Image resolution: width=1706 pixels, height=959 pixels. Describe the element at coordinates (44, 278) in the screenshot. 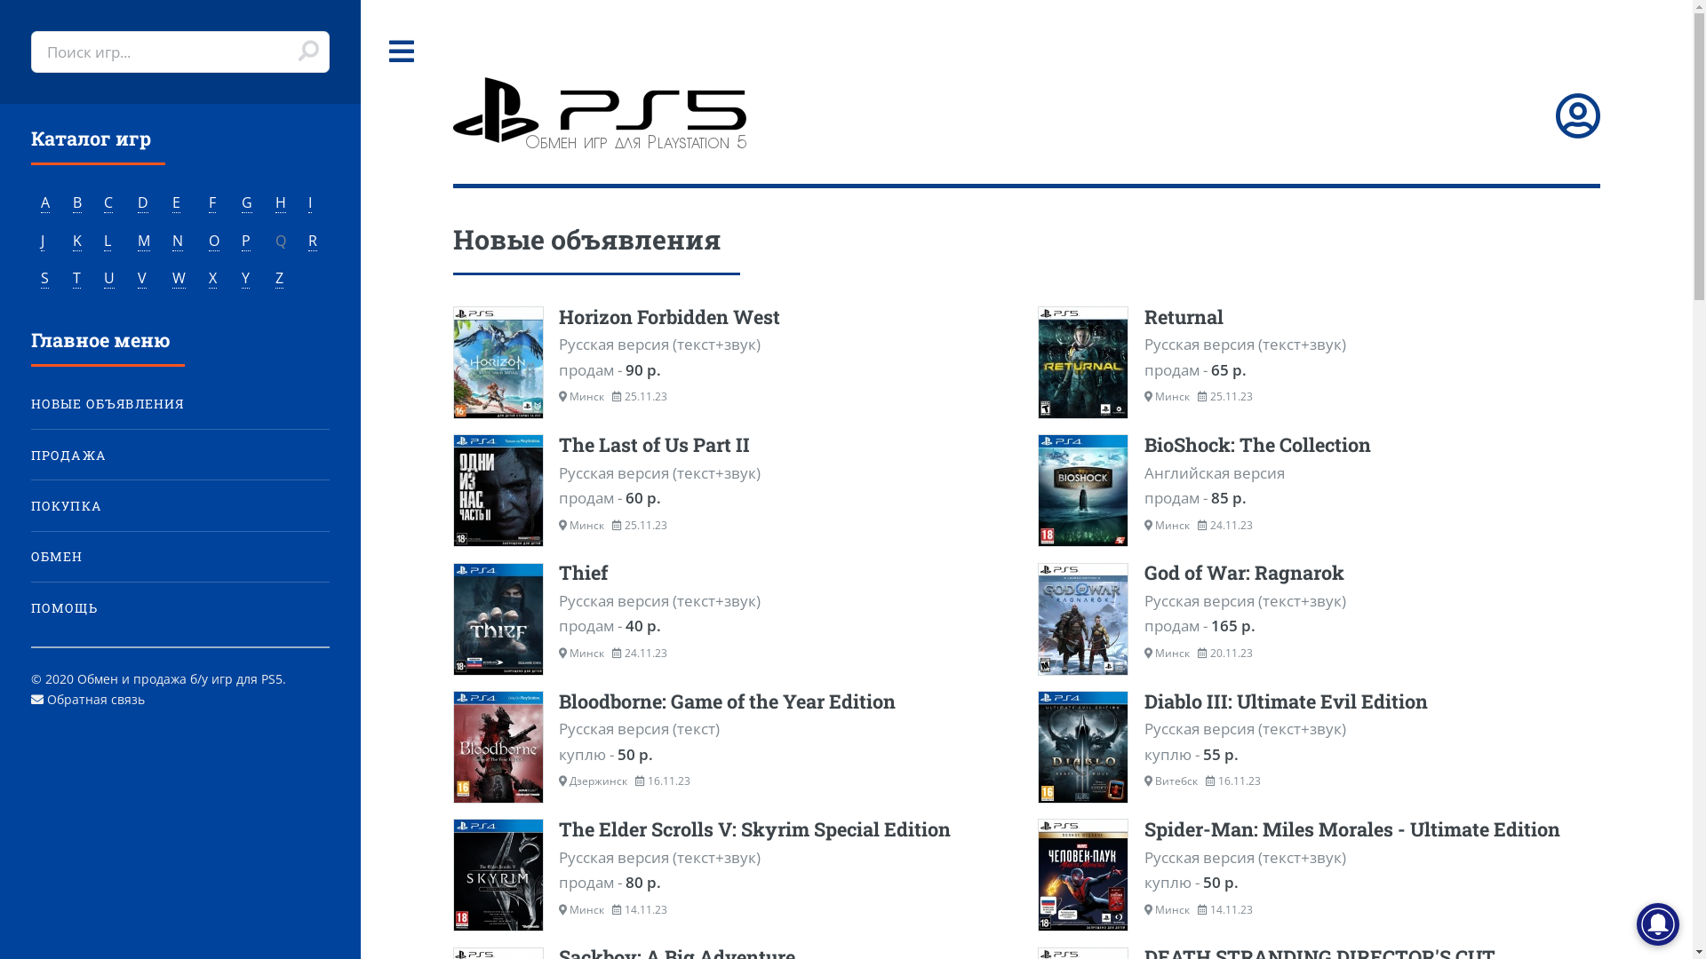

I see `'S'` at that location.